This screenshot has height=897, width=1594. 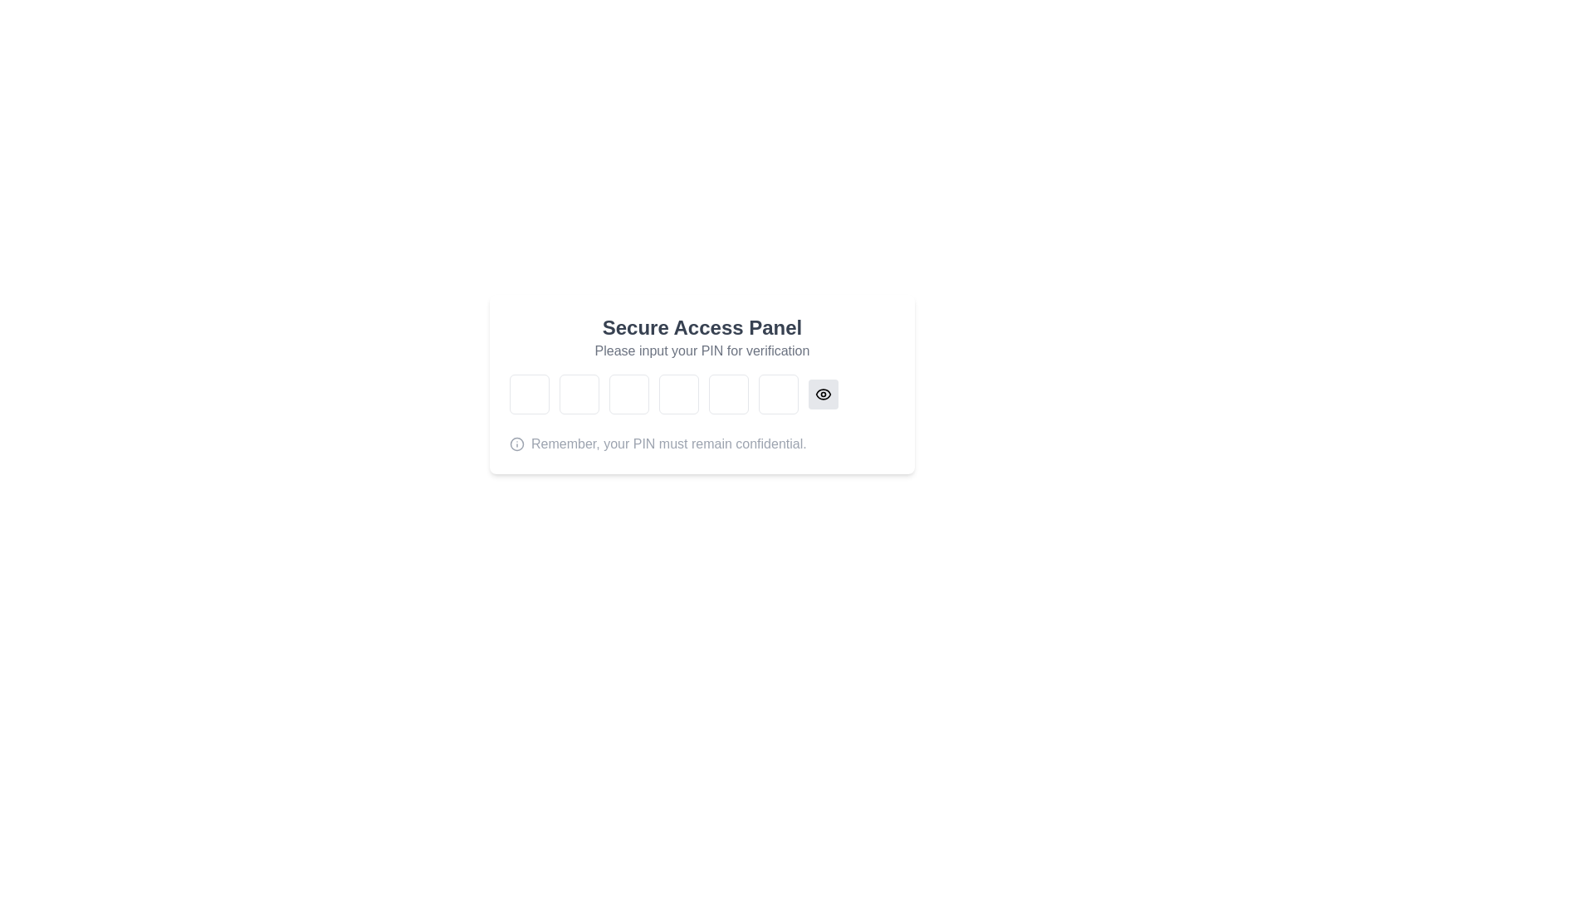 I want to click on the eye-shaped button with a circular pupil, so click(x=824, y=394).